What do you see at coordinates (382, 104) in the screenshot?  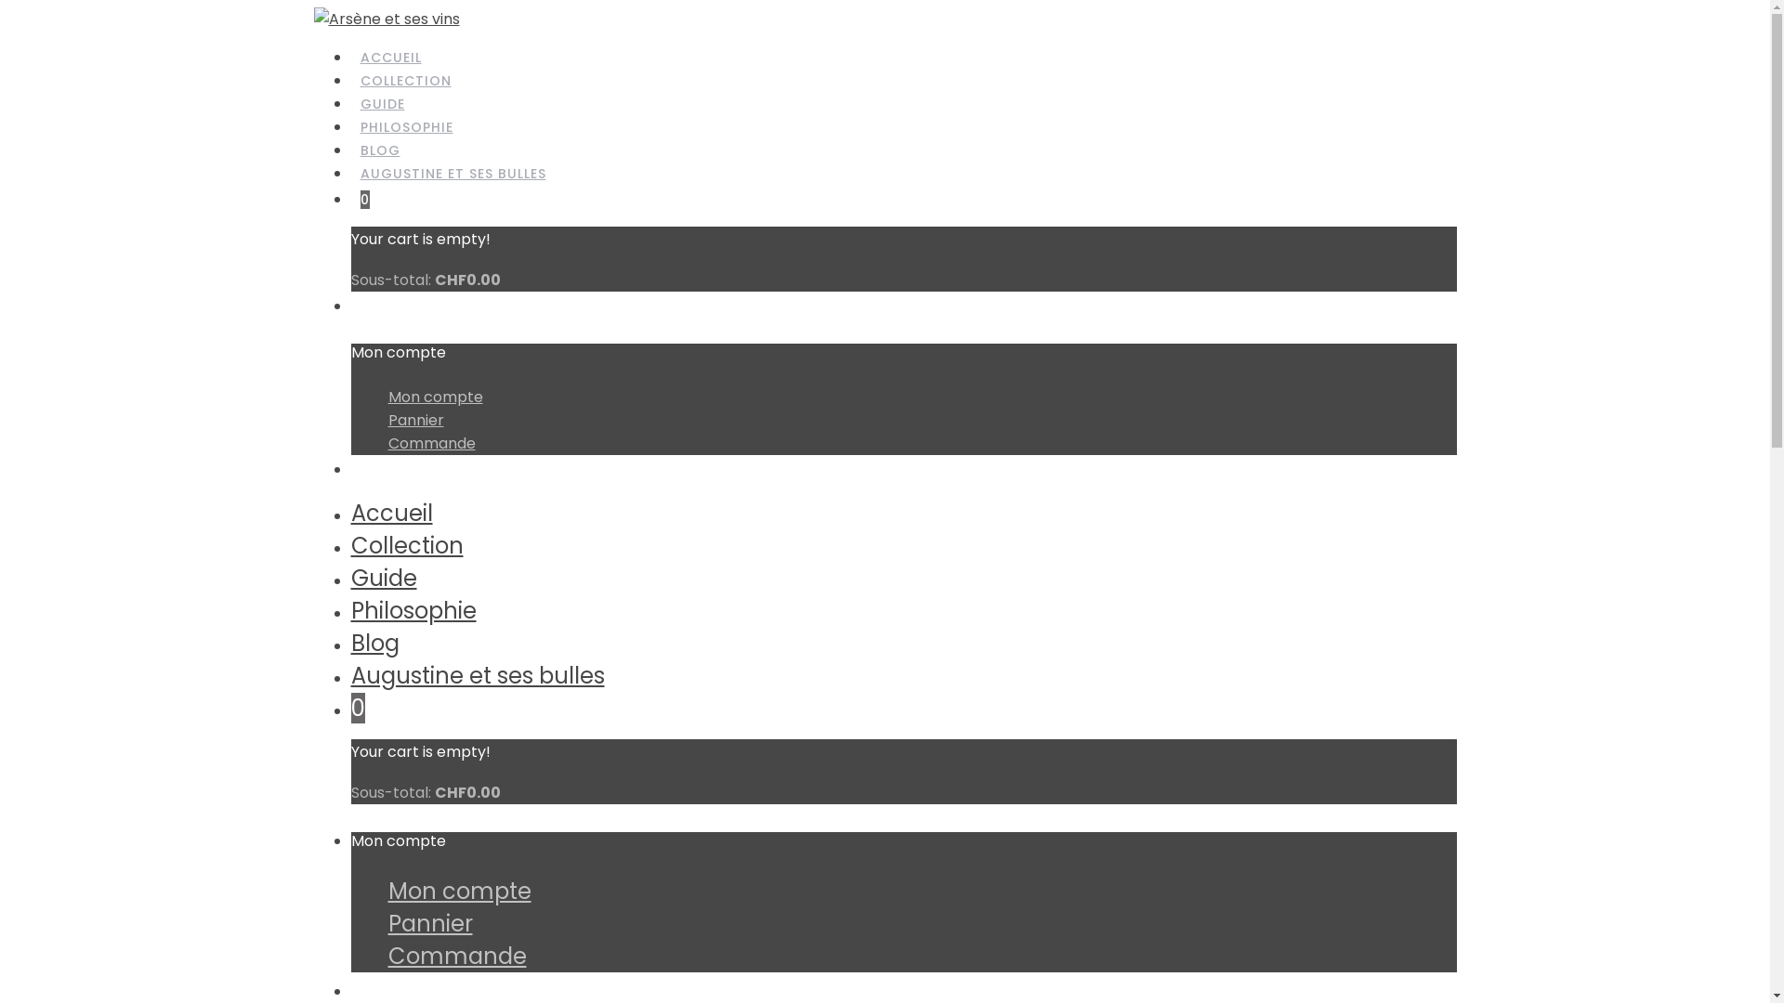 I see `'GUIDE'` at bounding box center [382, 104].